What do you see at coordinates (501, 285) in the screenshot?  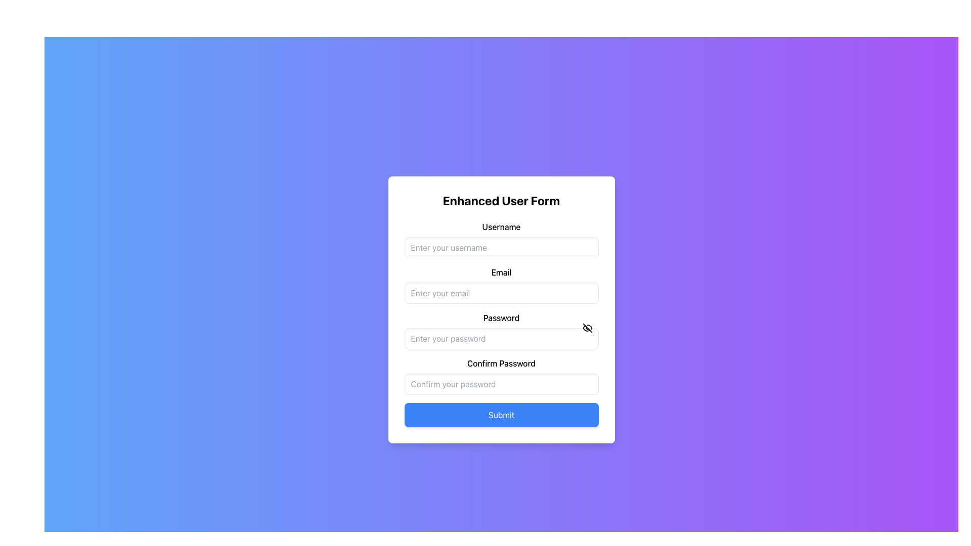 I see `the input box for the 'Email' field in the 'Enhanced User Form'` at bounding box center [501, 285].